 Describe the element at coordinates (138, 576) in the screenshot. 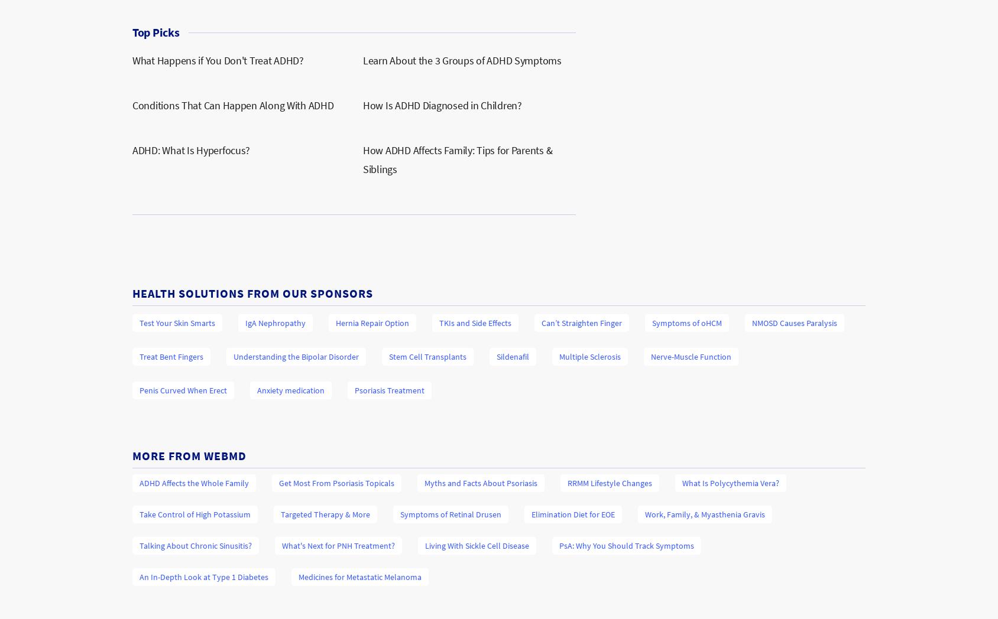

I see `'An In-Depth Look at Type 1 Diabetes'` at that location.